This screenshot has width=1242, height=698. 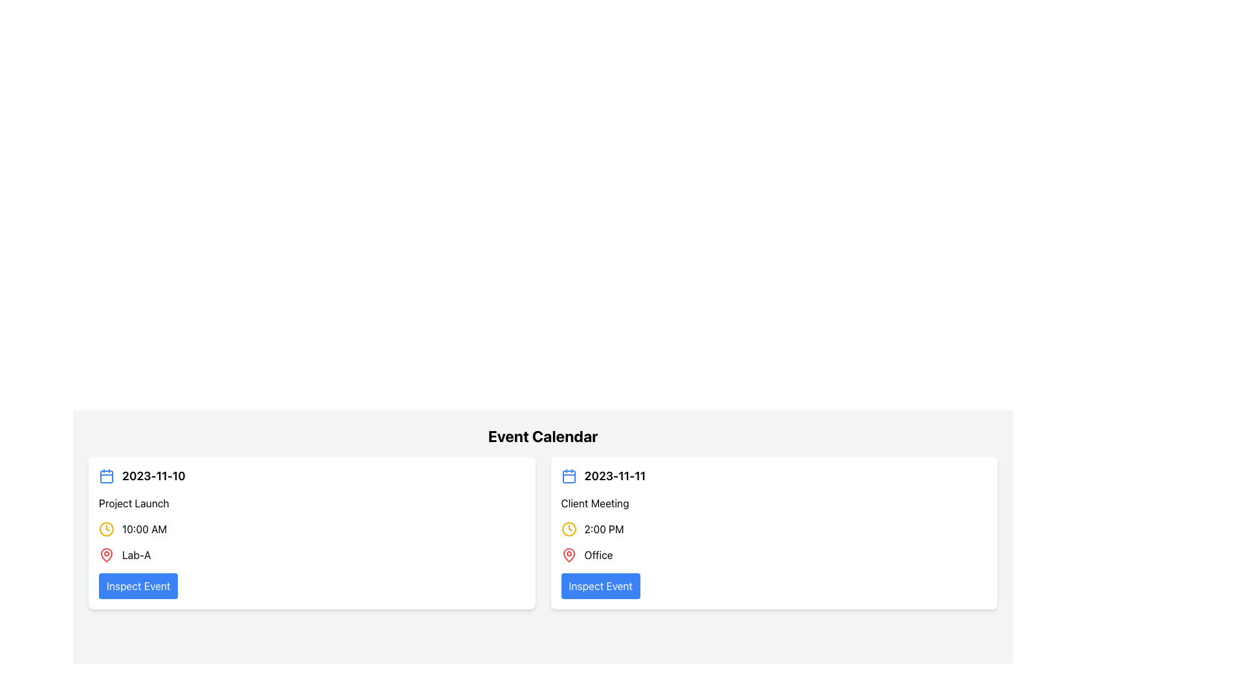 I want to click on the red pin icon representing the 'Office' location in the right event card of the 'Event Calendar' interface, which is adjacent to the text 'Office', so click(x=569, y=555).